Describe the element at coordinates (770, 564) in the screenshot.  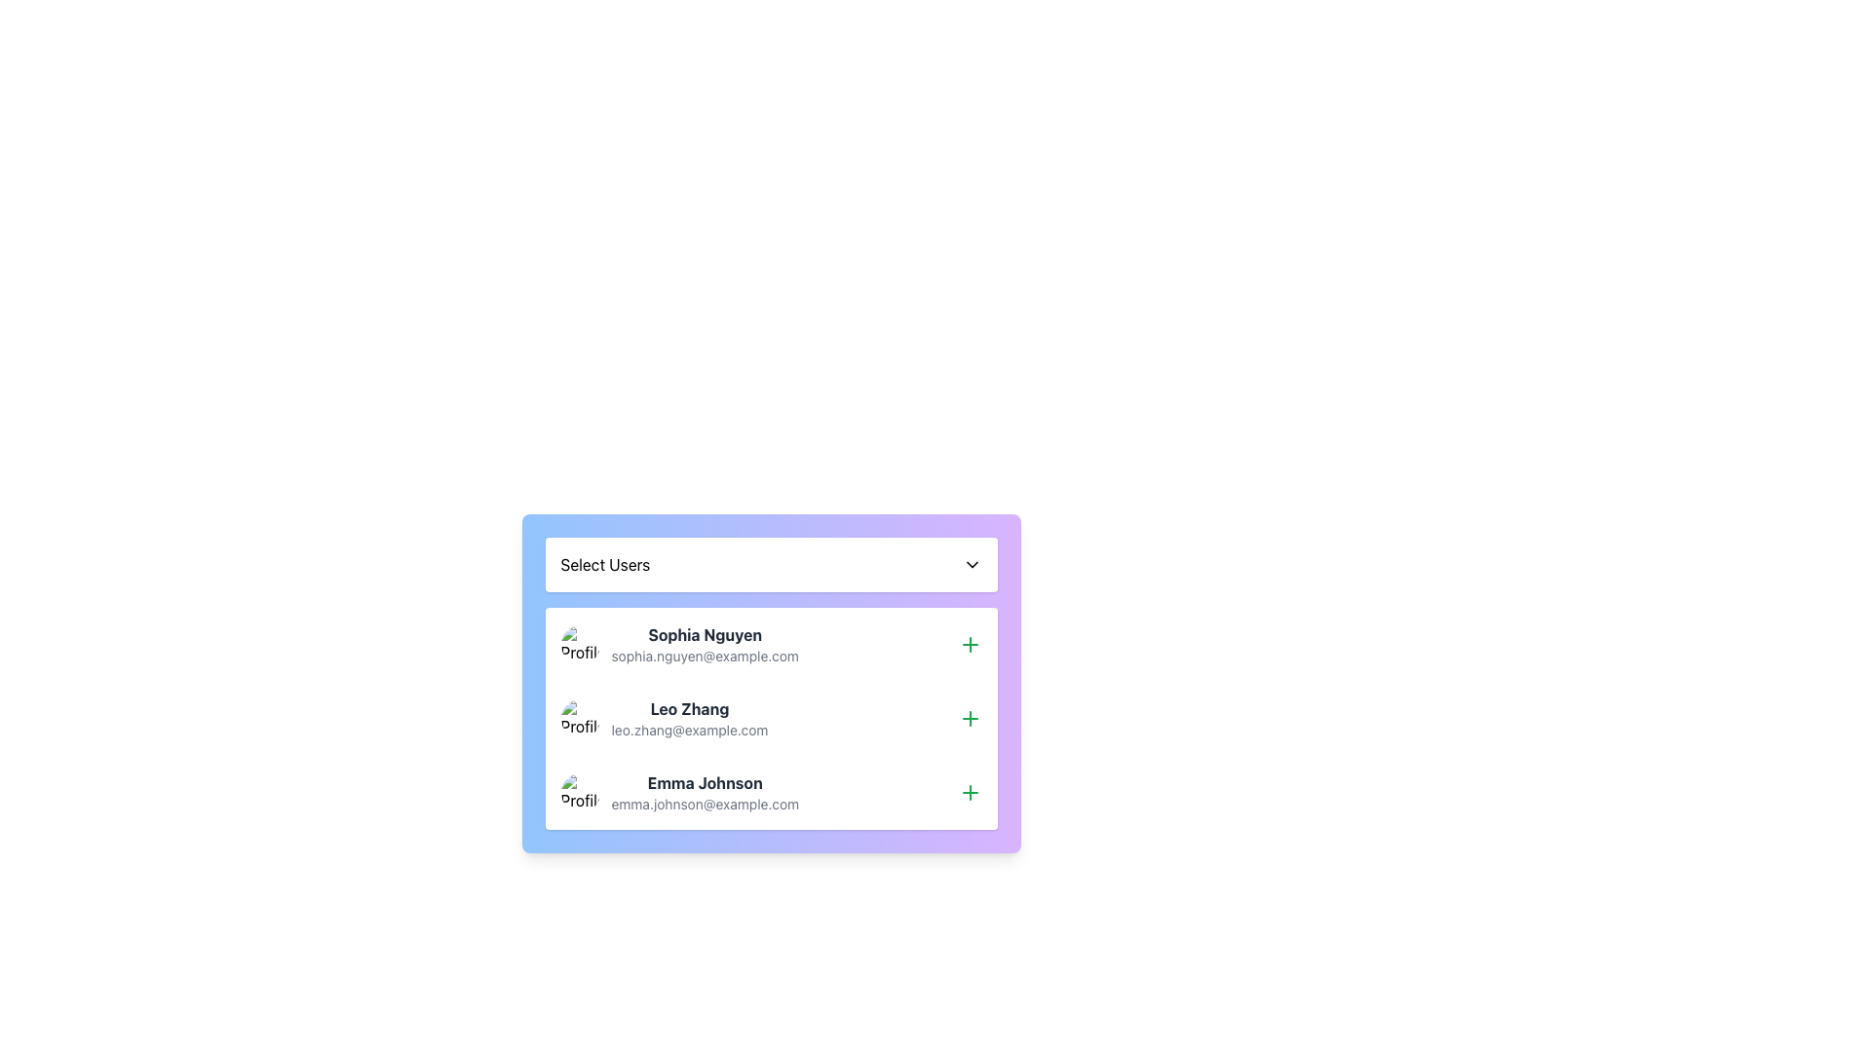
I see `the 'Select Users' dropdown trigger located at the top of the card-like structure with a gradient background` at that location.